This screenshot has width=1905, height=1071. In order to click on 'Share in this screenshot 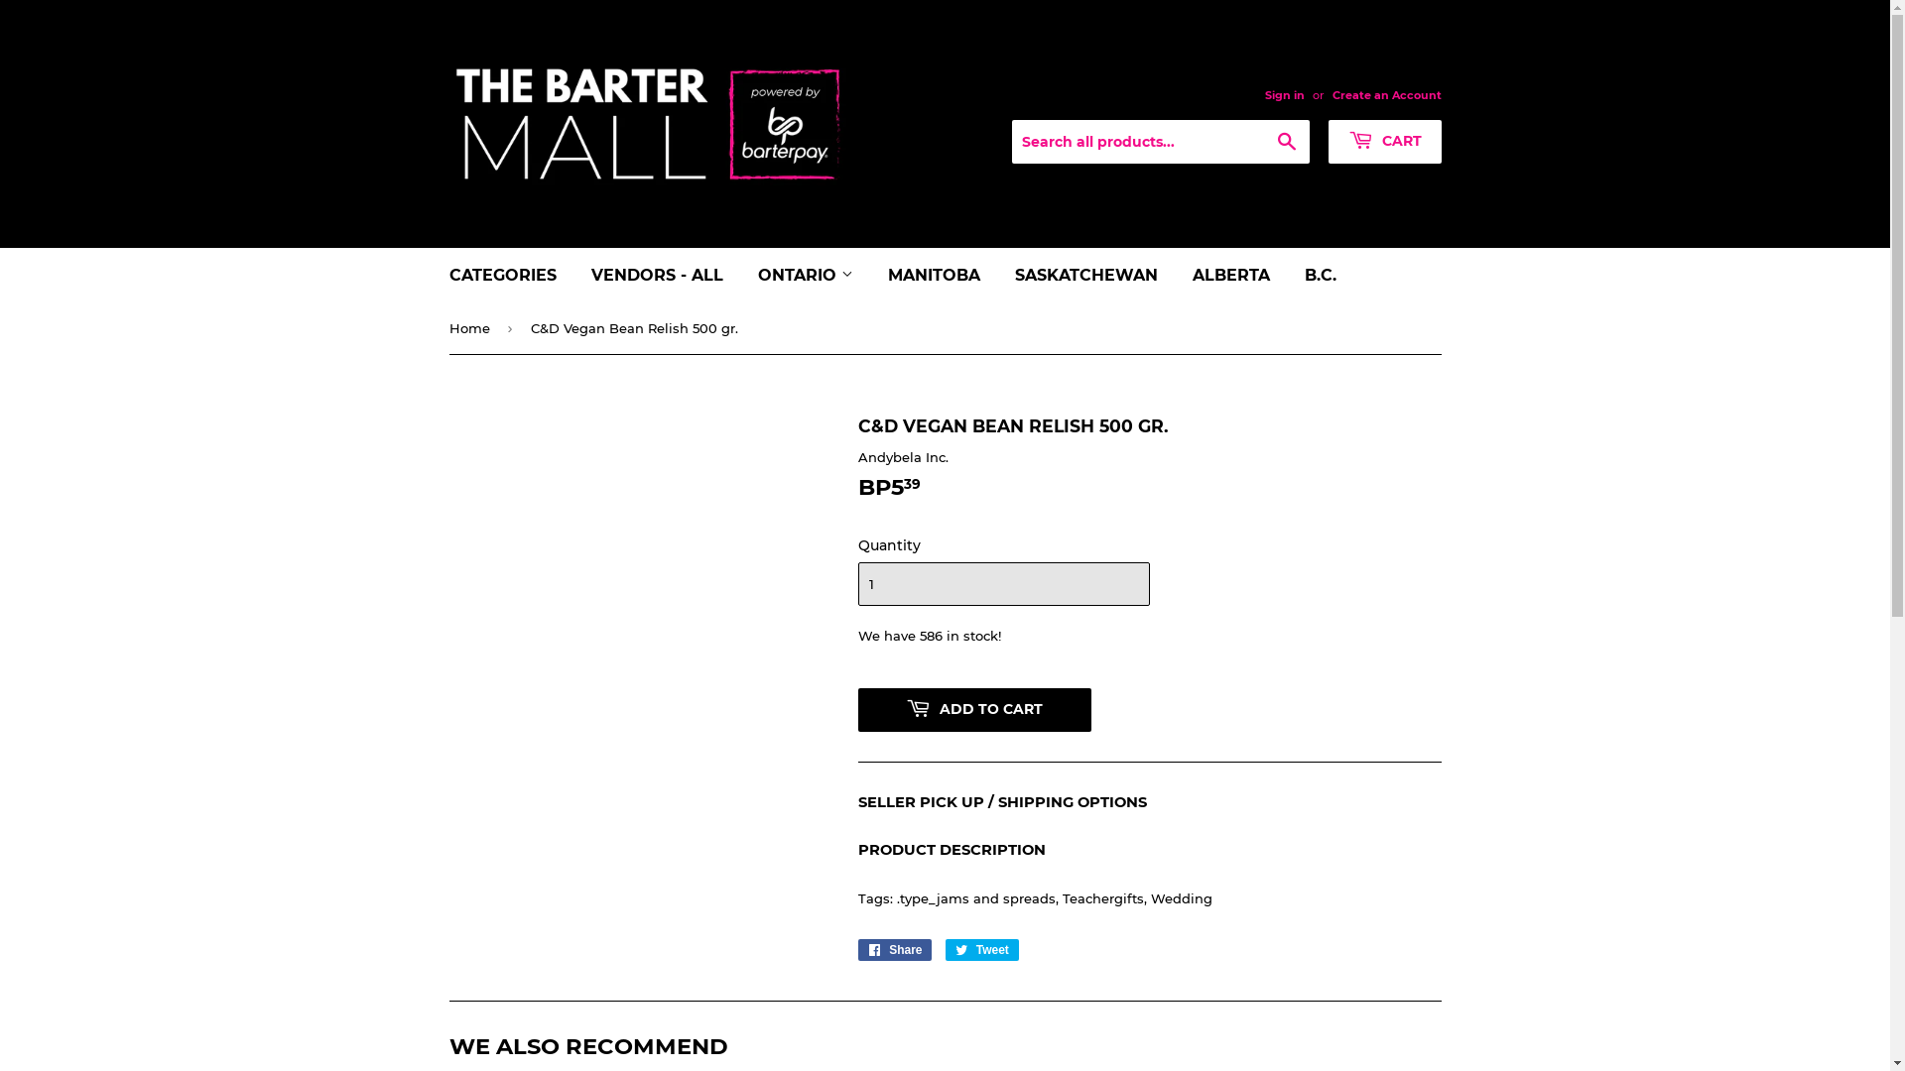, I will do `click(893, 948)`.